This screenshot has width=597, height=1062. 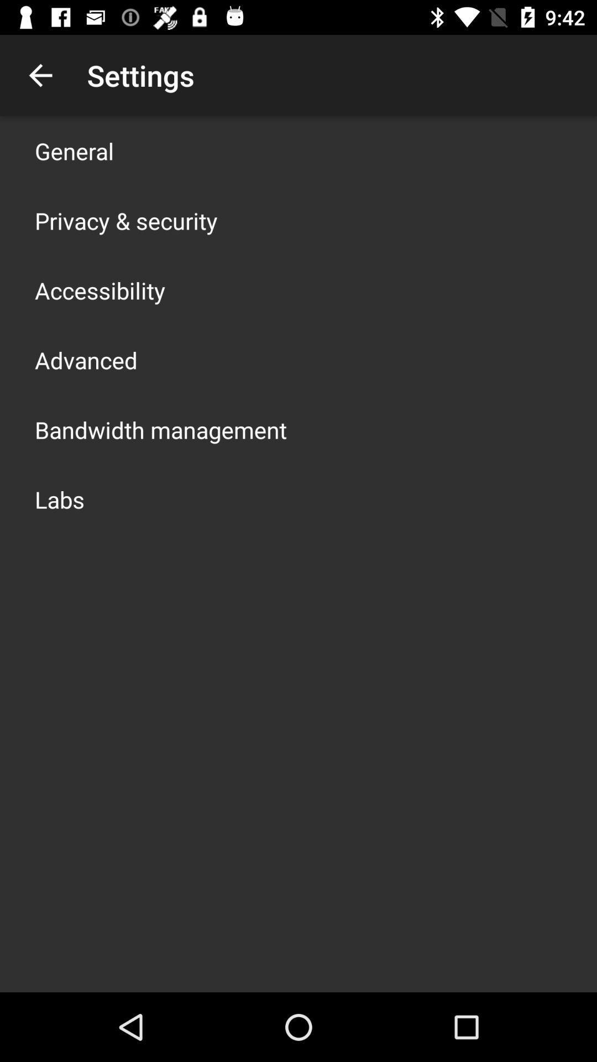 What do you see at coordinates (100, 290) in the screenshot?
I see `the item above the advanced` at bounding box center [100, 290].